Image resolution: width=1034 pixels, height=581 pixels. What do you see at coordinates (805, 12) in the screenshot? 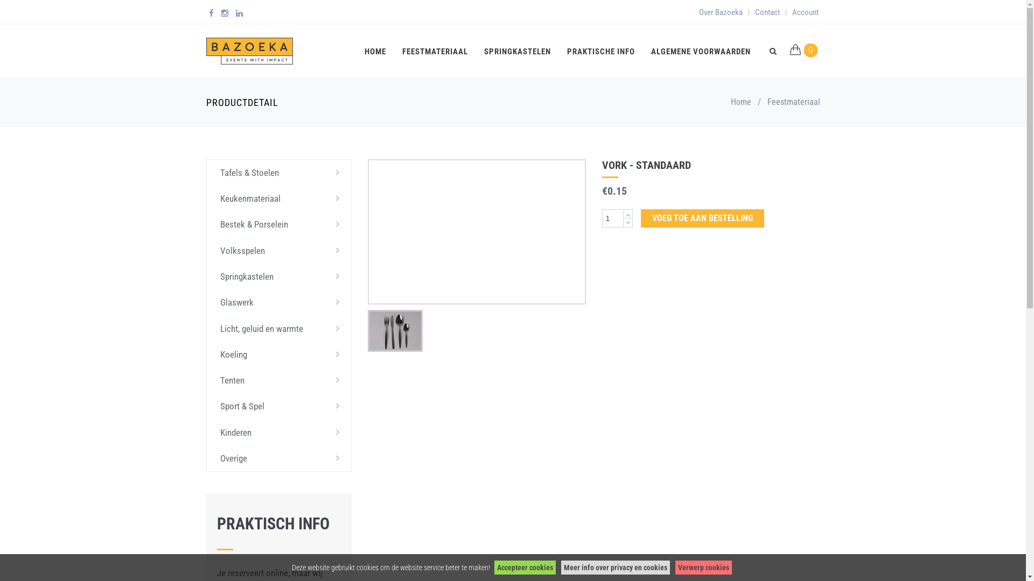
I see `'Account'` at bounding box center [805, 12].